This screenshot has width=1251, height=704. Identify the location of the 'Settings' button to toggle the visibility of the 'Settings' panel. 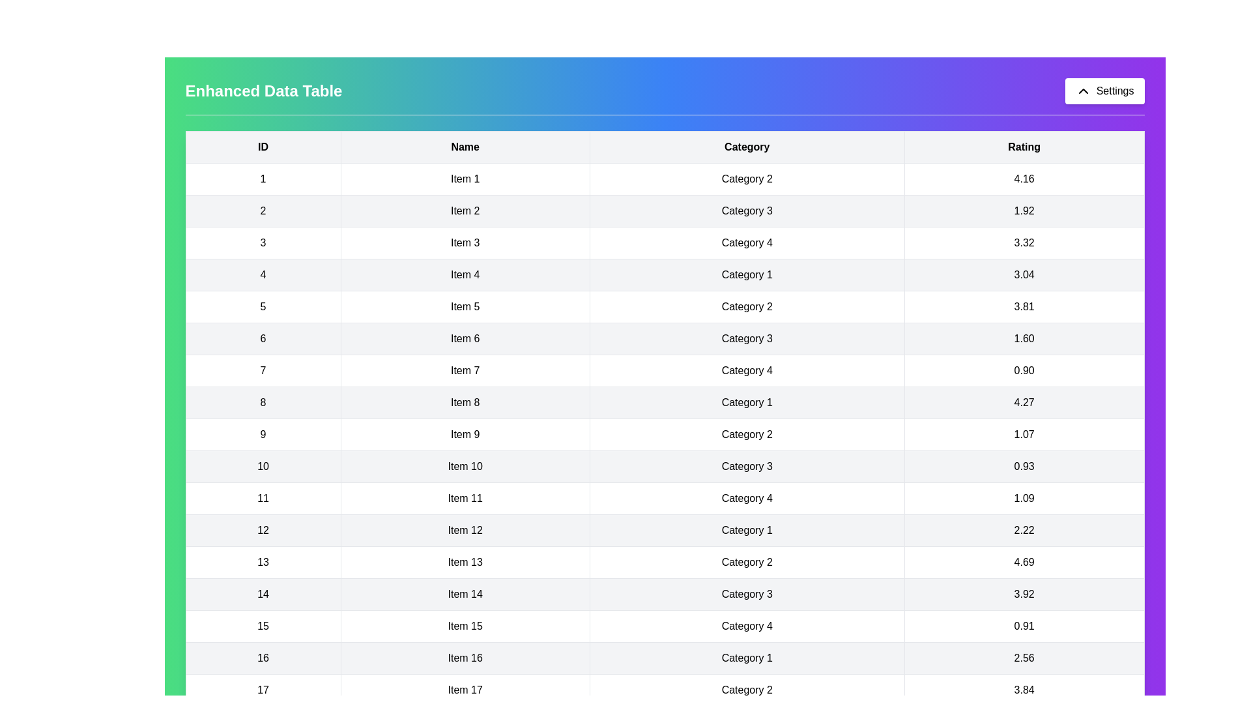
(1103, 90).